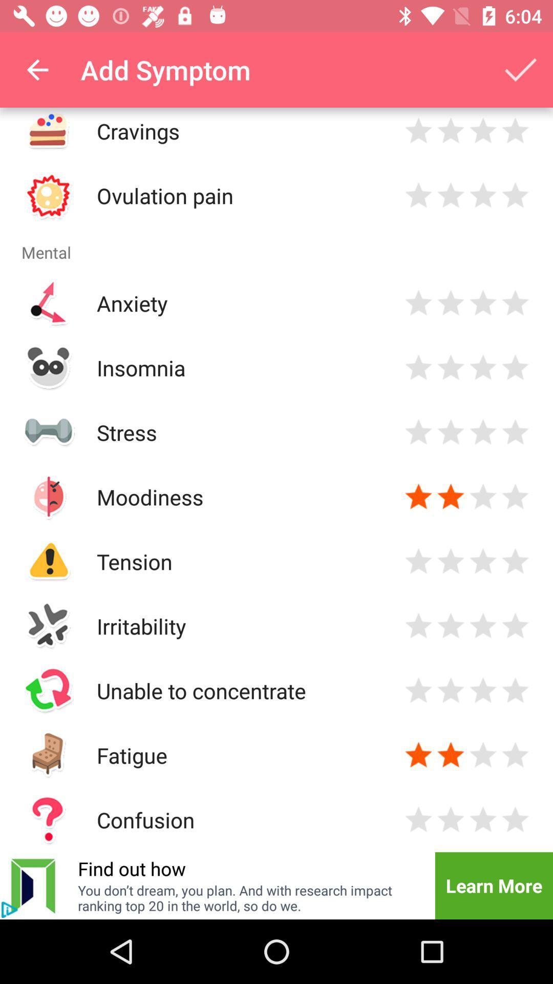 This screenshot has width=553, height=984. What do you see at coordinates (515, 302) in the screenshot?
I see `star rating` at bounding box center [515, 302].